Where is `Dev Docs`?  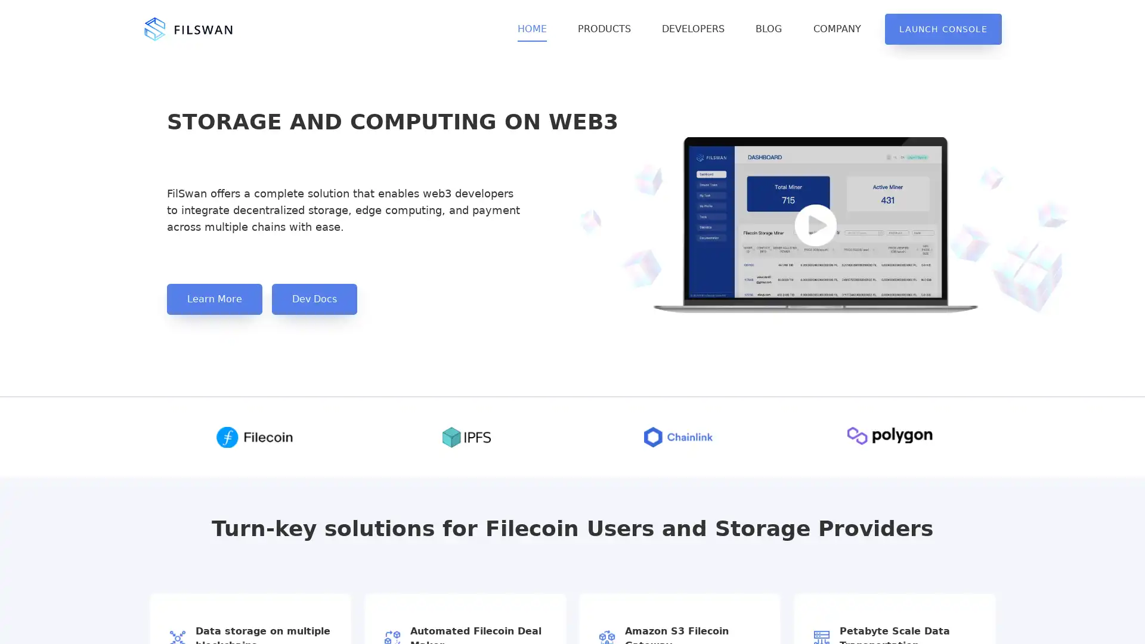 Dev Docs is located at coordinates (314, 298).